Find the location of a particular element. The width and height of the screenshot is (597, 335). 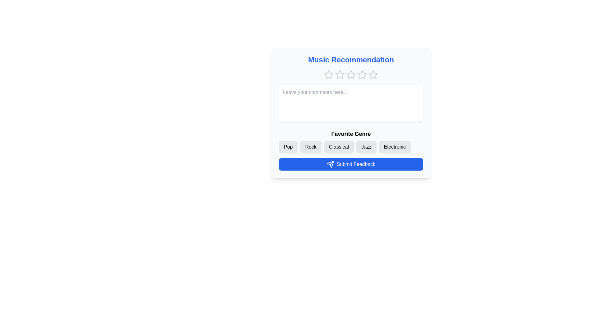

the fifth star-shaped Rating Star Button in the Music Recommendation card is located at coordinates (373, 74).